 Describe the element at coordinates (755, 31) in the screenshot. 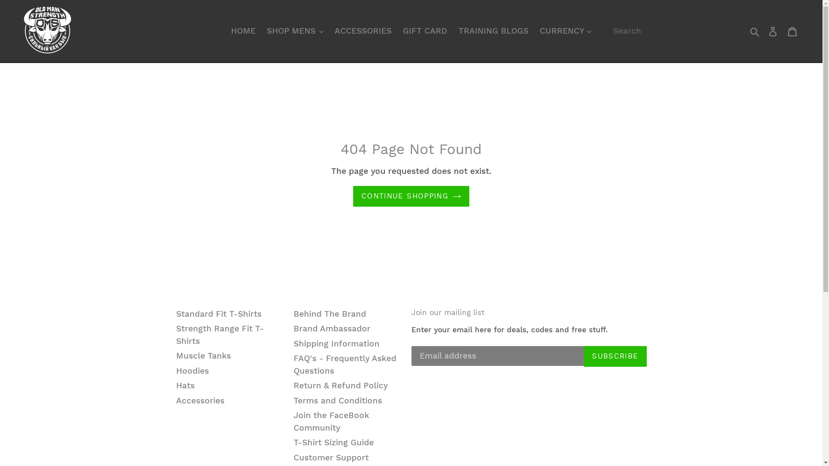

I see `'Submit'` at that location.